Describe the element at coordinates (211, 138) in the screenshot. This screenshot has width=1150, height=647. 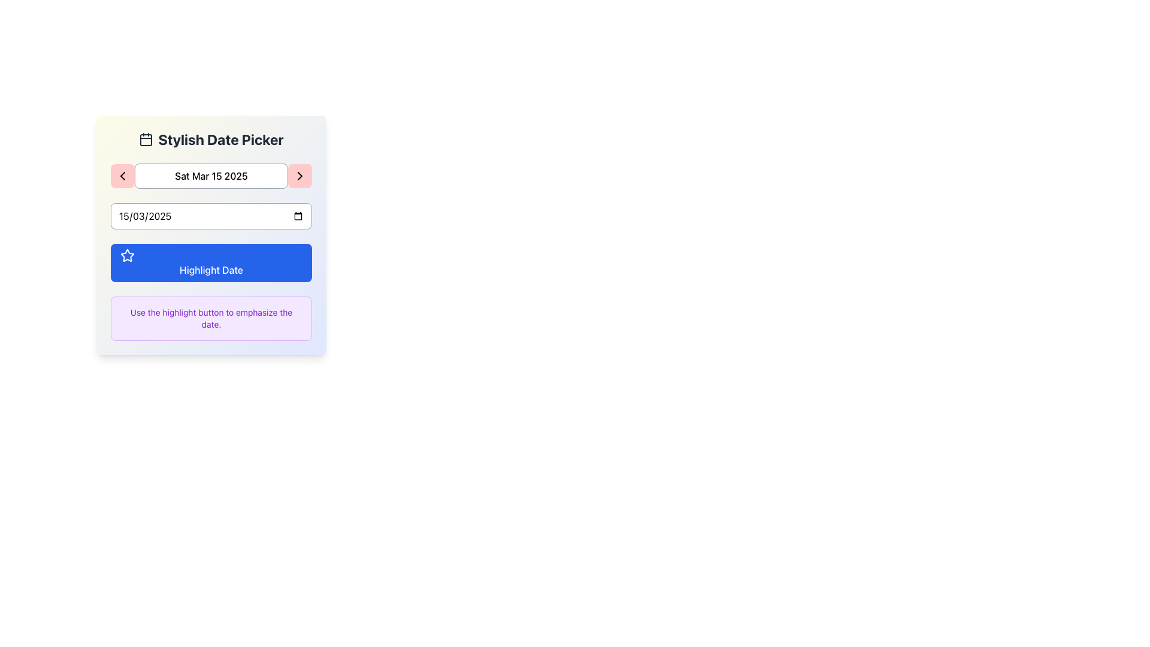
I see `the text label that serves as the title for the date picker interface, located at the top of the card layout` at that location.